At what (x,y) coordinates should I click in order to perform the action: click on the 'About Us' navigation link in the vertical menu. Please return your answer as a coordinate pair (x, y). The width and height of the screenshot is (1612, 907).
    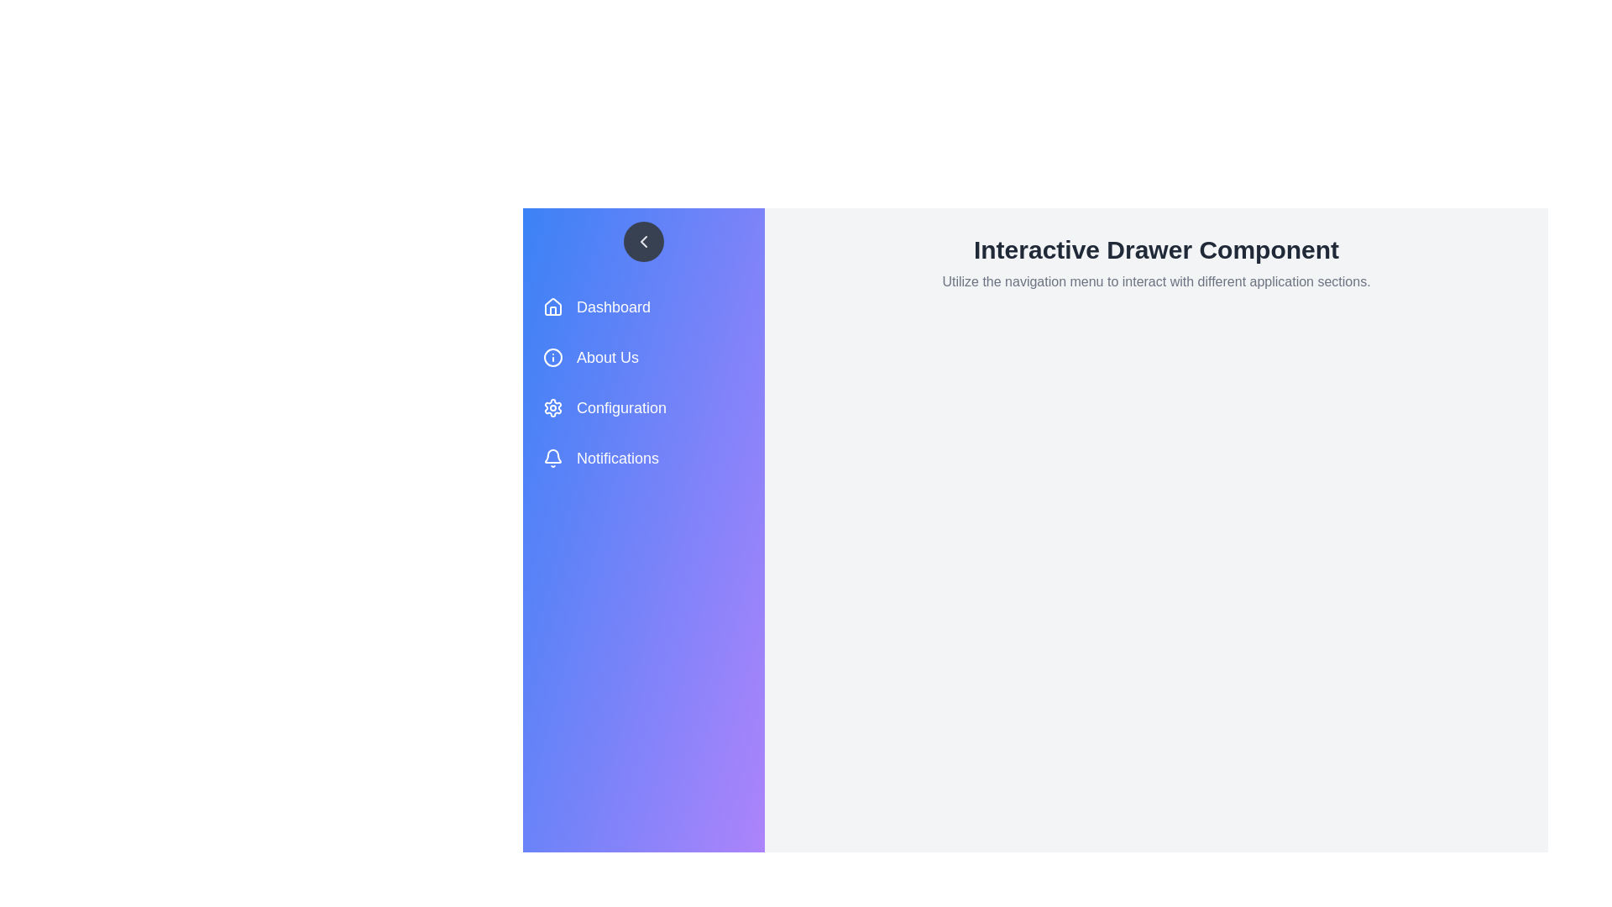
    Looking at the image, I should click on (649, 382).